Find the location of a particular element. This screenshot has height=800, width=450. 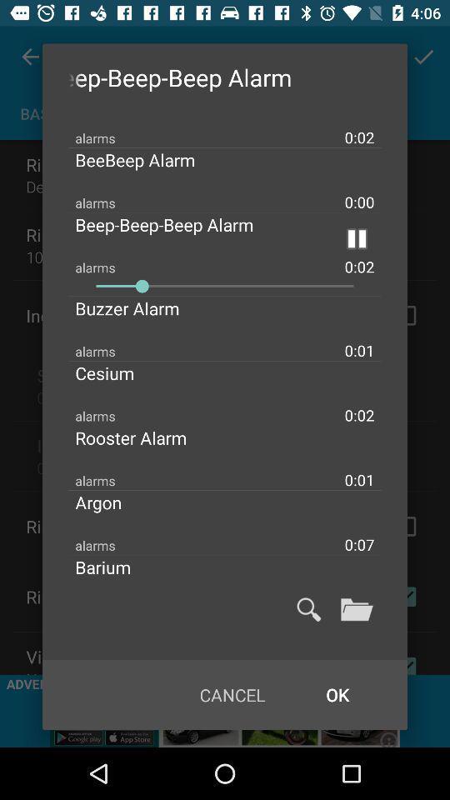

icon next to beep beep beep item is located at coordinates (356, 237).